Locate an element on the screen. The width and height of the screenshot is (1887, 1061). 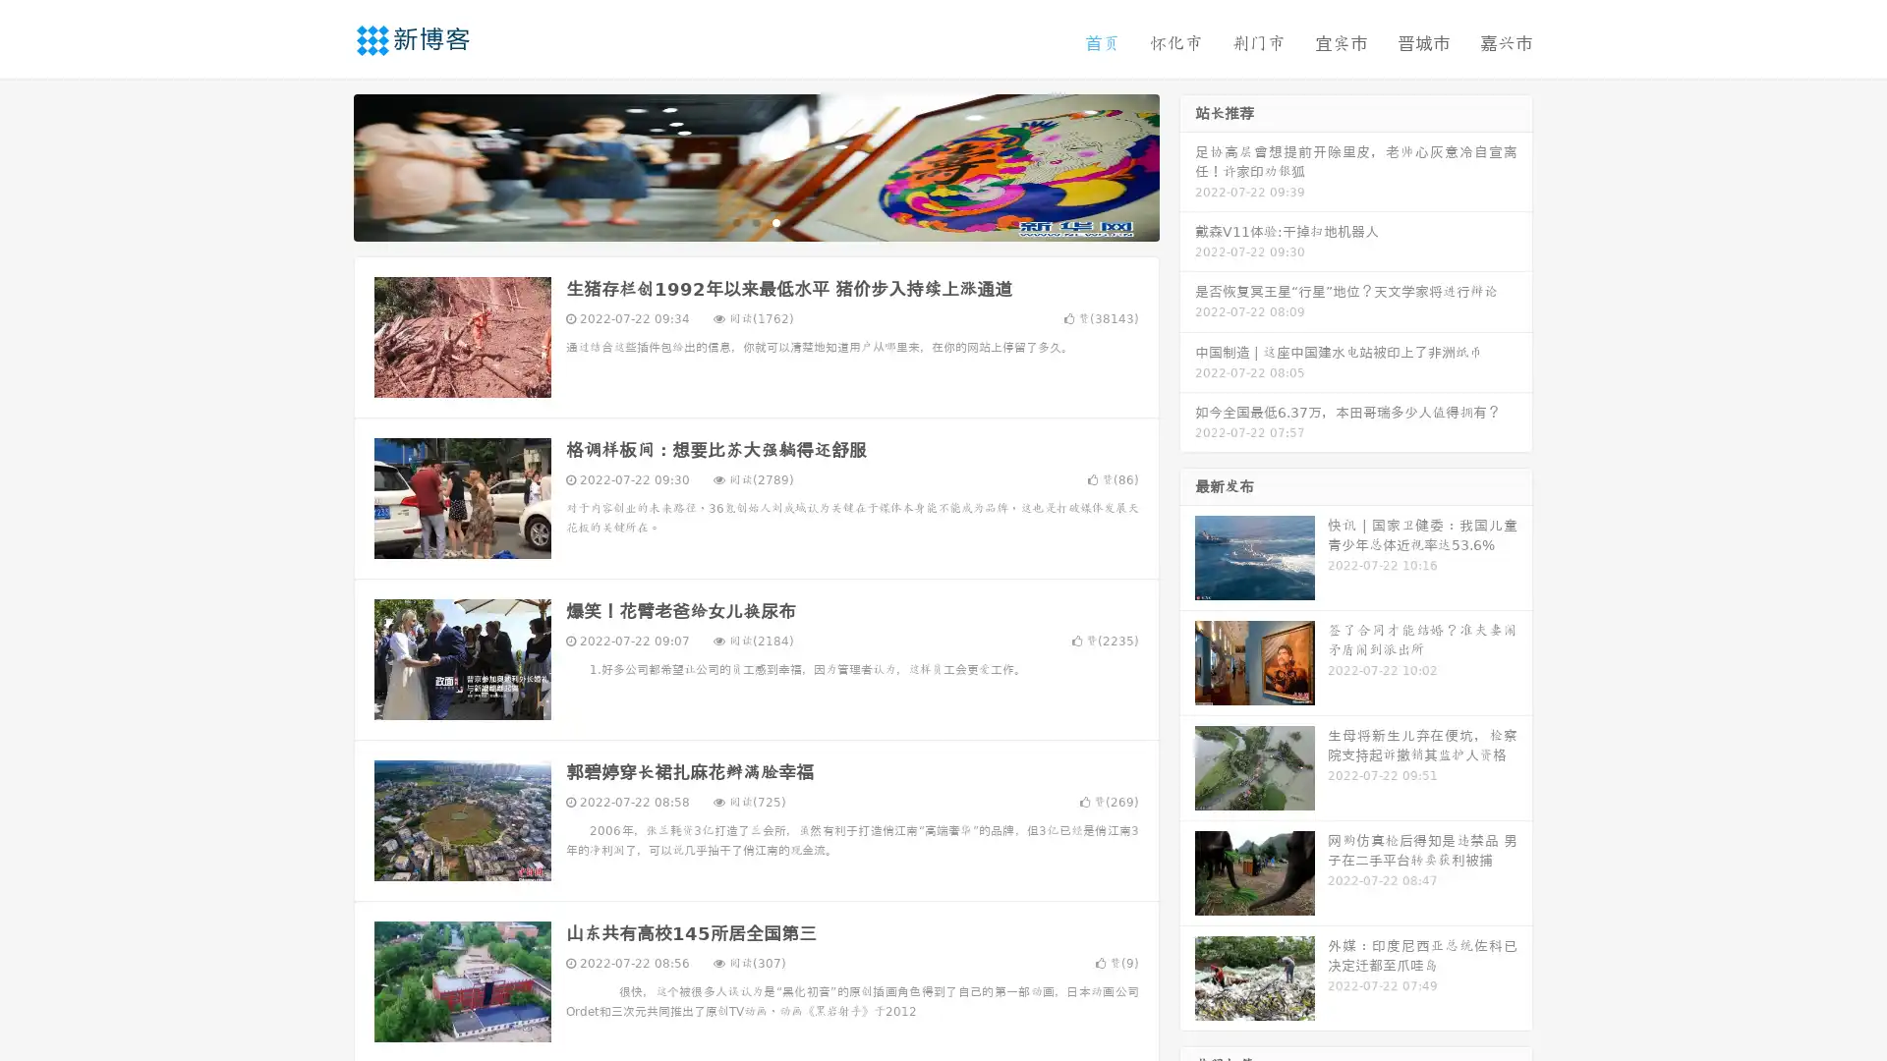
Previous slide is located at coordinates (324, 165).